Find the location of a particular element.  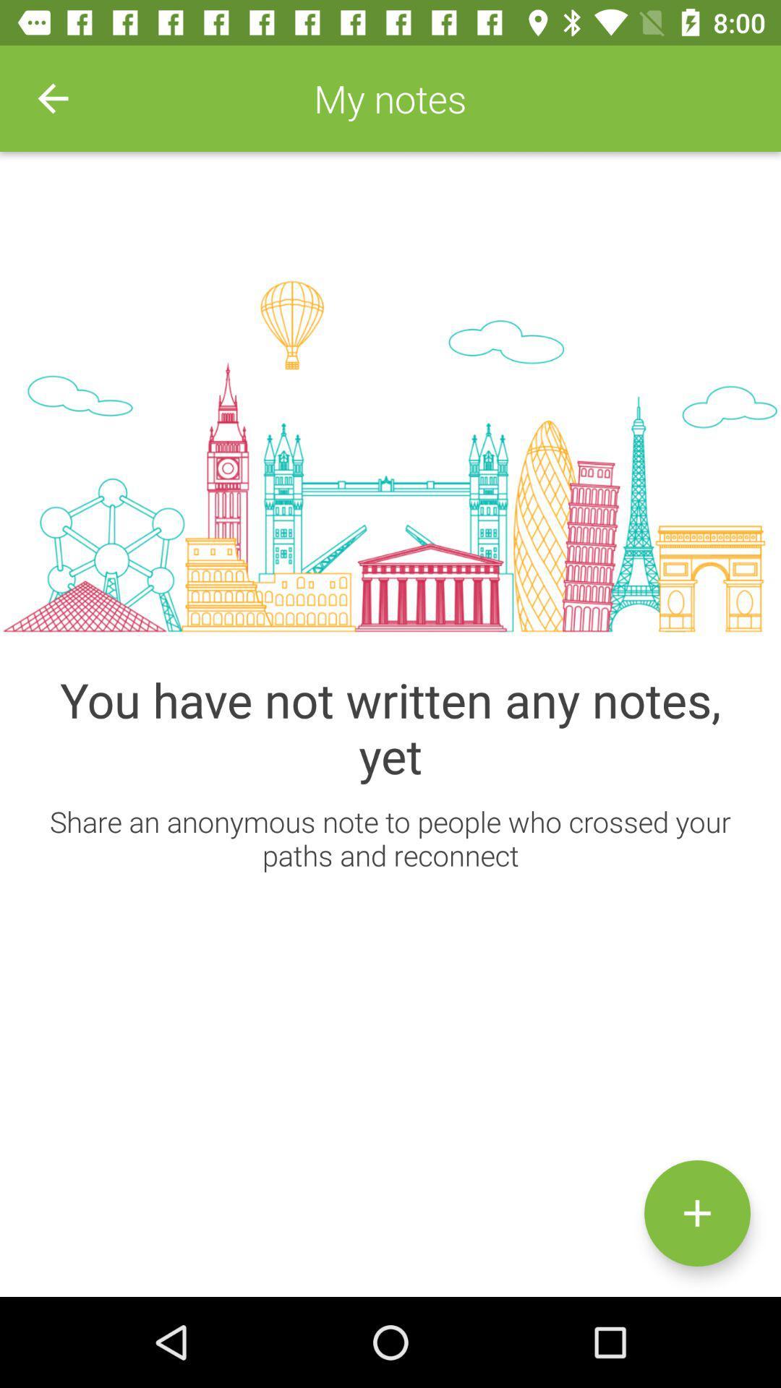

the add icon is located at coordinates (696, 1213).